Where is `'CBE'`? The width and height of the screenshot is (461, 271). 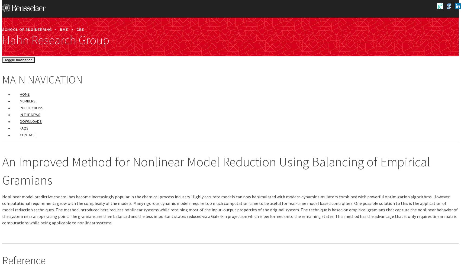
'CBE' is located at coordinates (80, 29).